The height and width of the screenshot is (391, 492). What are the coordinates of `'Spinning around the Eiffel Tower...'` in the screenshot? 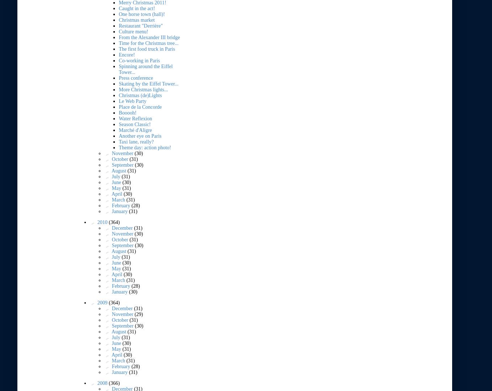 It's located at (118, 69).